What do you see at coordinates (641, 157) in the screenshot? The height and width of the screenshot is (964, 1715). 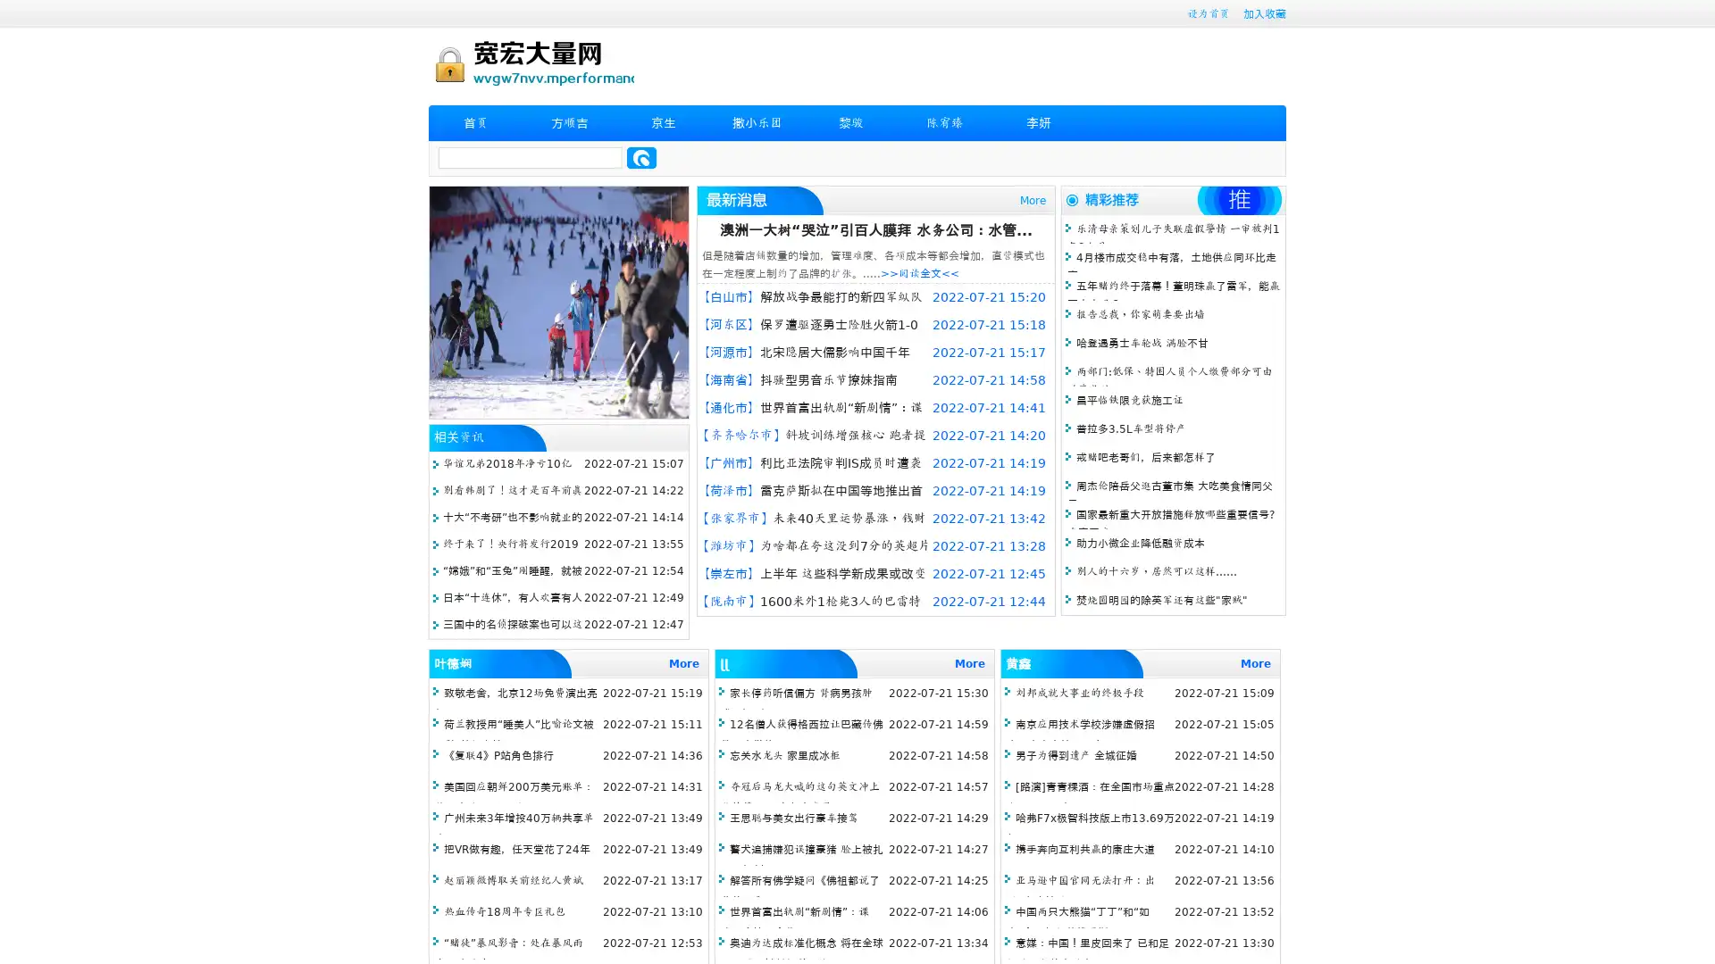 I see `Search` at bounding box center [641, 157].